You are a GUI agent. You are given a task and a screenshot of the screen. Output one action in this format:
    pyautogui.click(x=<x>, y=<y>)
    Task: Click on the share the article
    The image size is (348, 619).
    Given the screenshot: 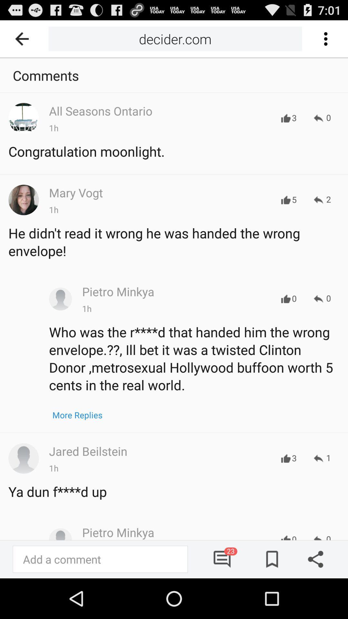 What is the action you would take?
    pyautogui.click(x=313, y=559)
    